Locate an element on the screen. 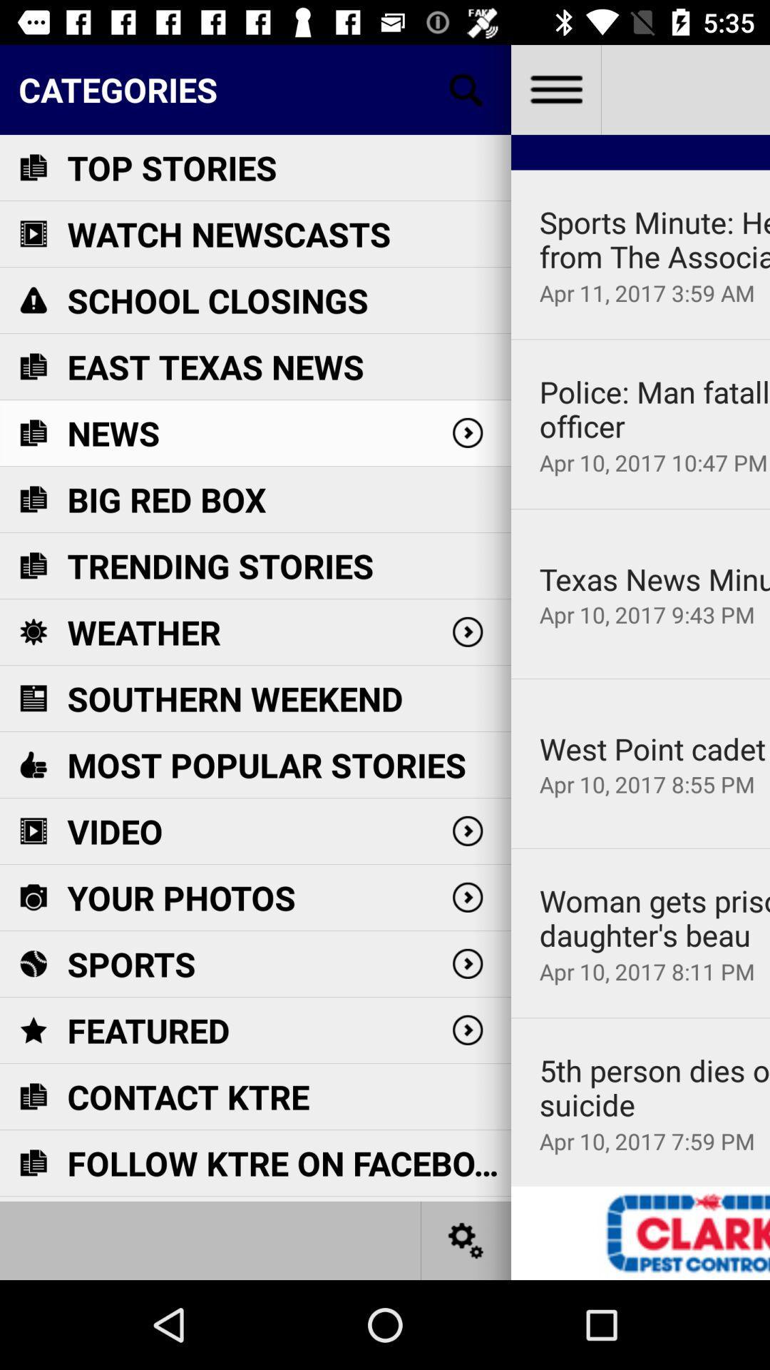 This screenshot has width=770, height=1370. seventh icon which is below categories is located at coordinates (32, 564).